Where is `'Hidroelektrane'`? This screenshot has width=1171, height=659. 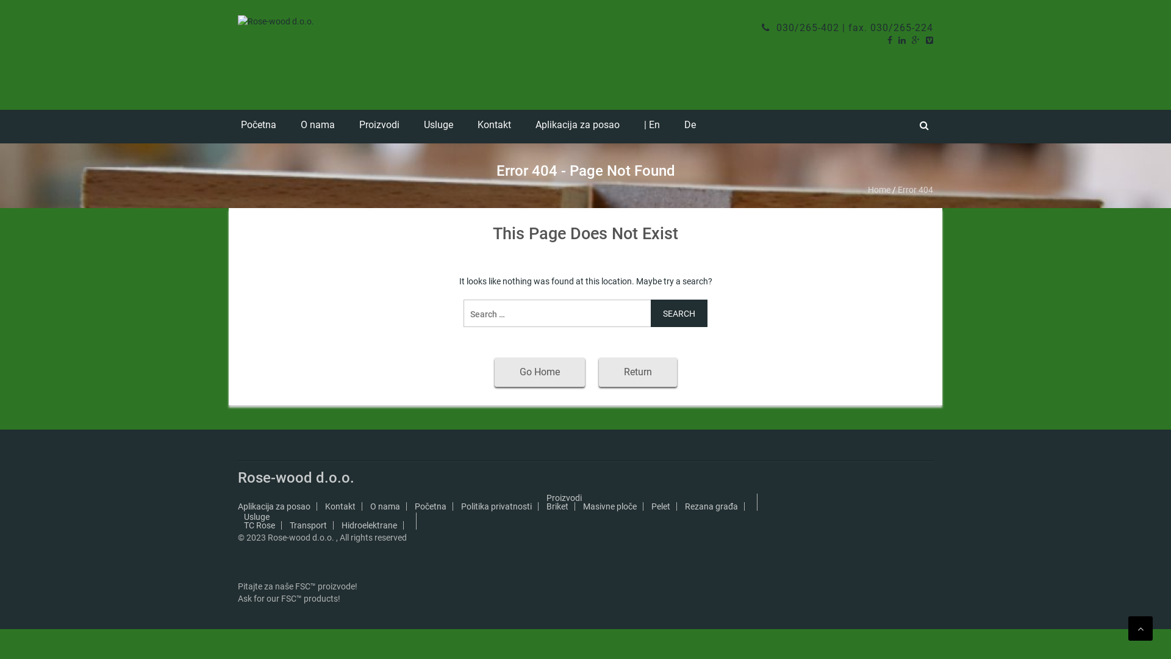 'Hidroelektrane' is located at coordinates (342, 524).